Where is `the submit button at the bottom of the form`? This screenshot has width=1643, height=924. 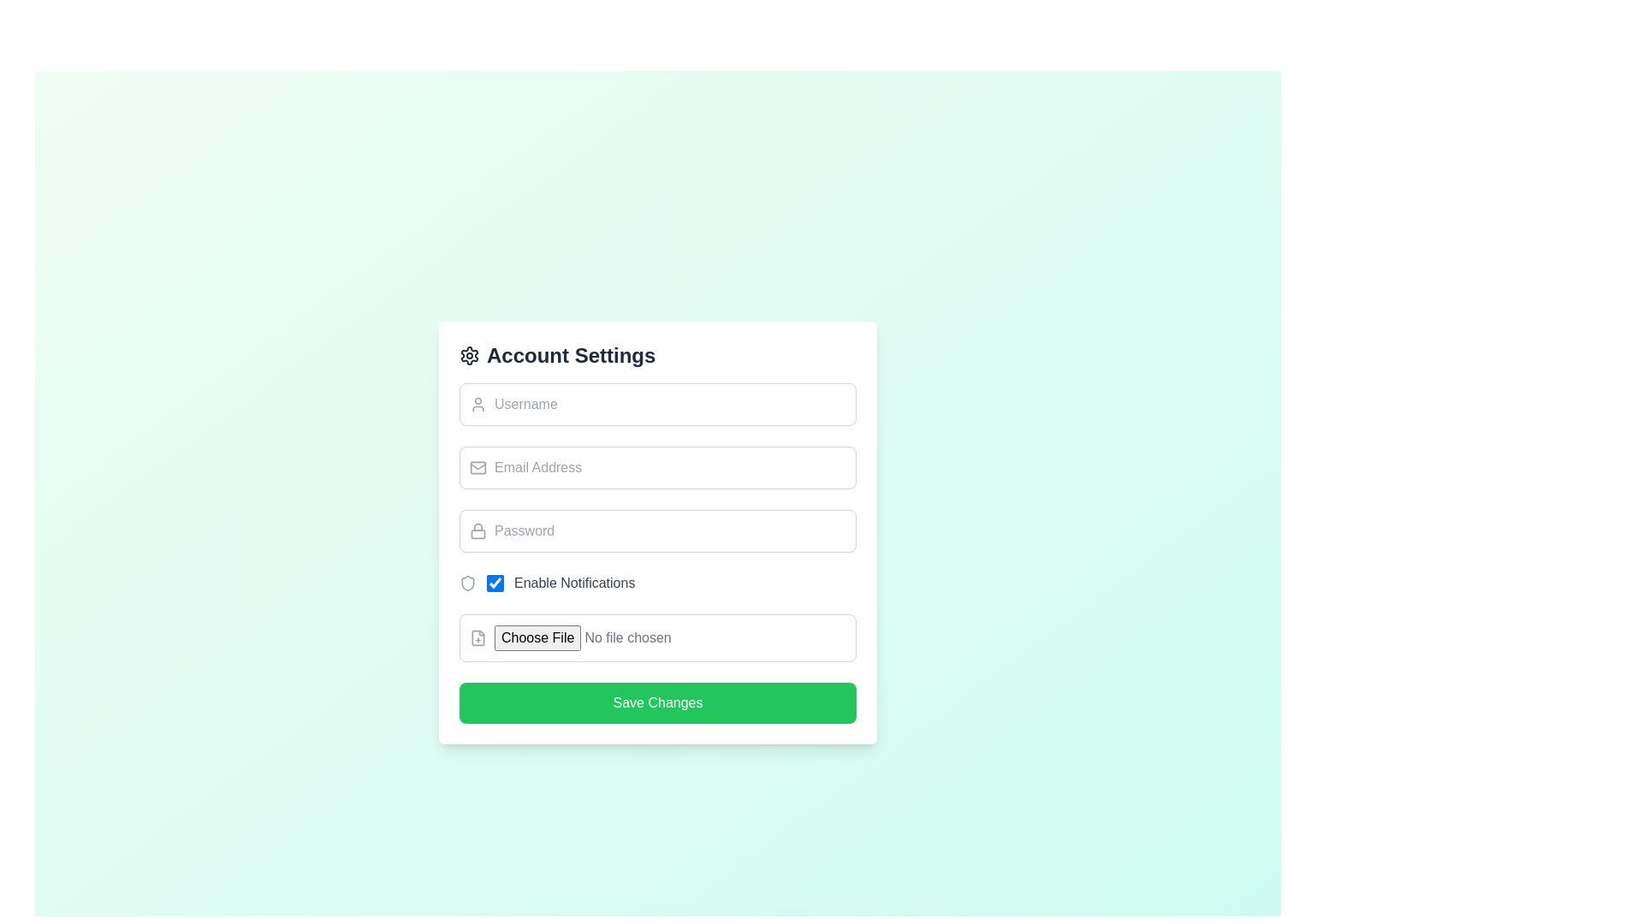 the submit button at the bottom of the form is located at coordinates (656, 702).